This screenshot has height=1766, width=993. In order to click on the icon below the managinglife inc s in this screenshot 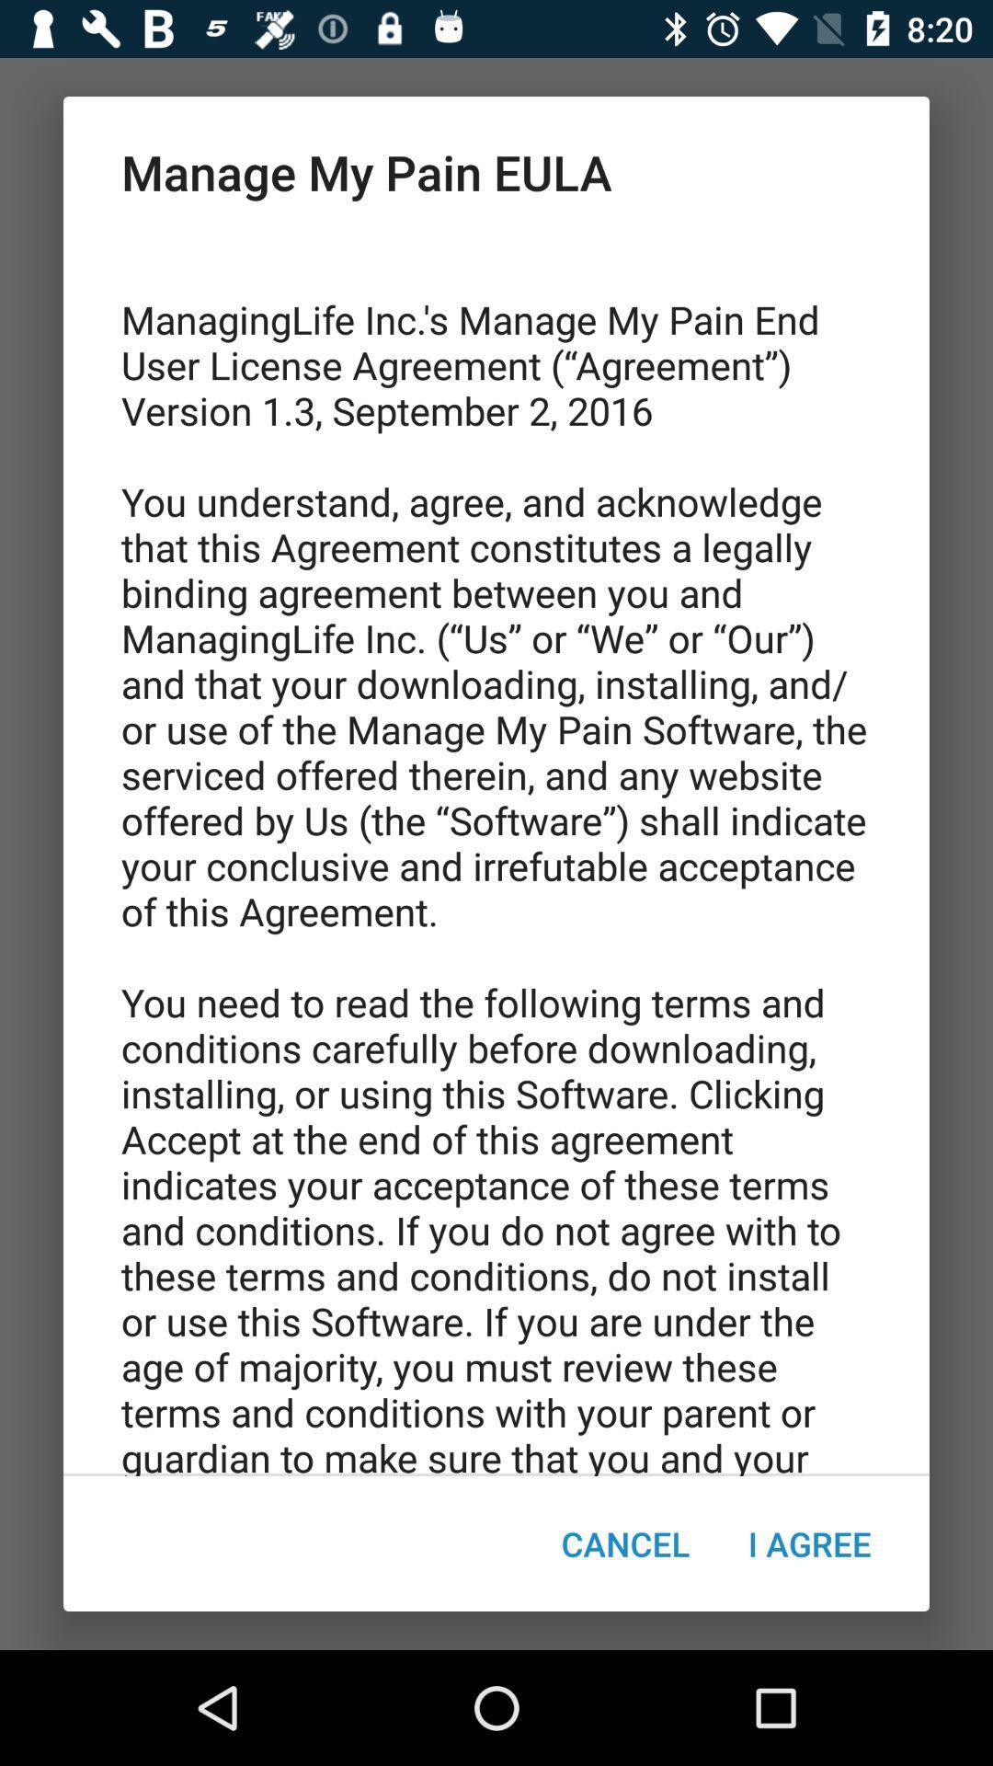, I will do `click(624, 1543)`.